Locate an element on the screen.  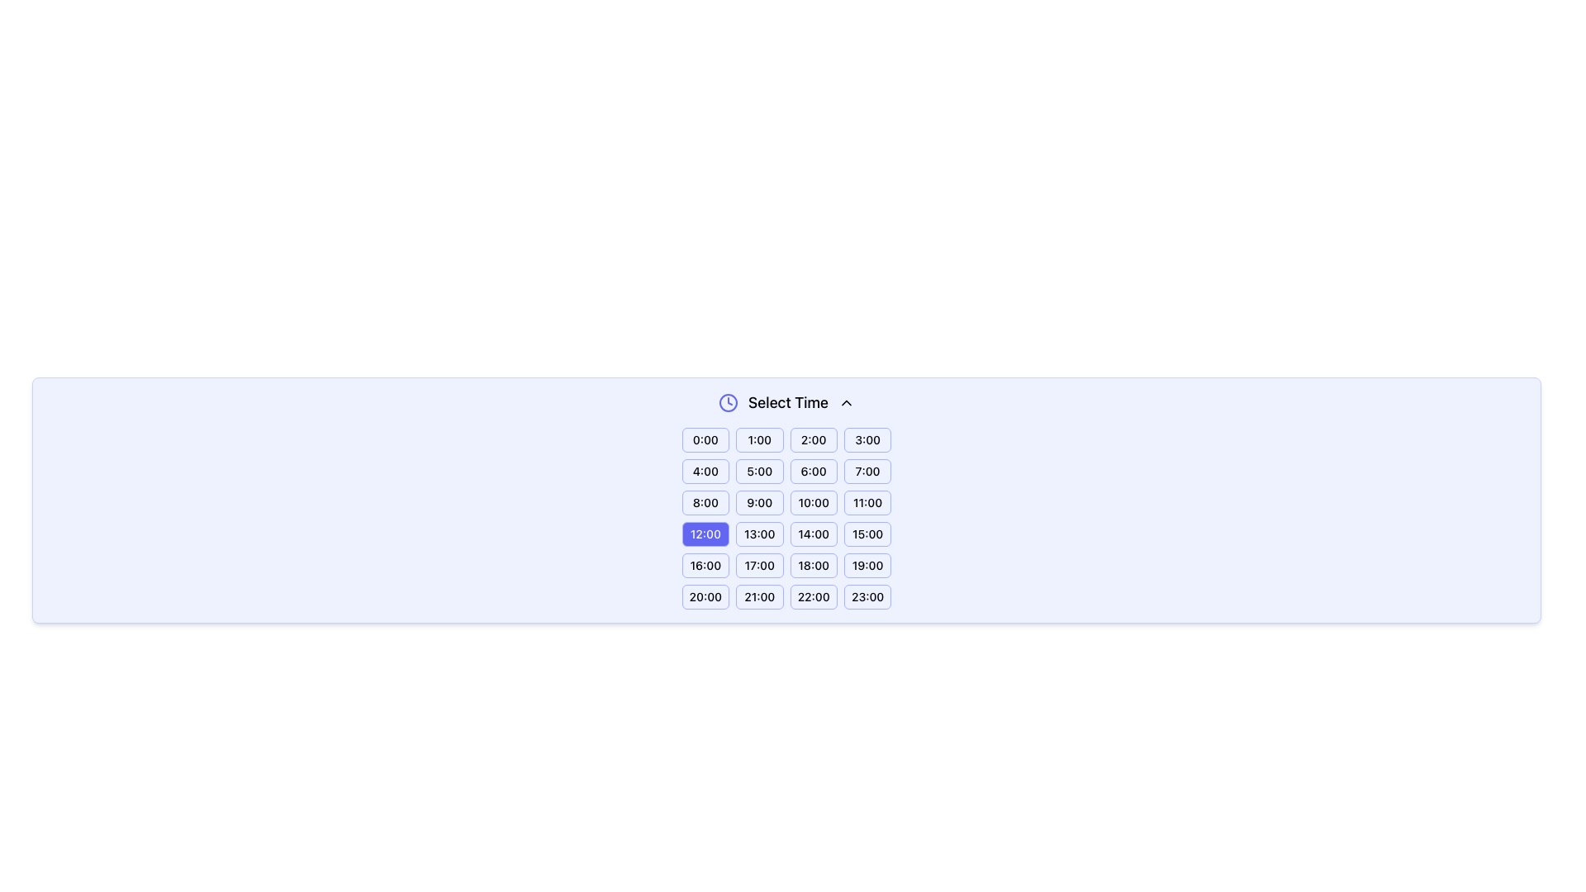
the rectangular button labeled '14:00' with a light blue background is located at coordinates (814, 534).